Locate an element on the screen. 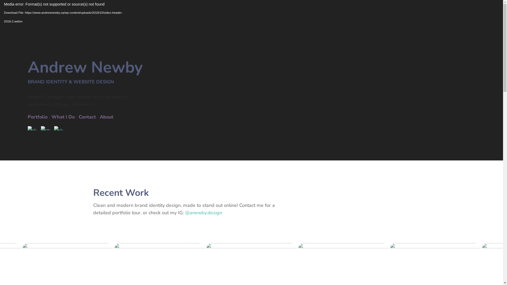 Image resolution: width=507 pixels, height=285 pixels. 'Portfolio' is located at coordinates (37, 117).